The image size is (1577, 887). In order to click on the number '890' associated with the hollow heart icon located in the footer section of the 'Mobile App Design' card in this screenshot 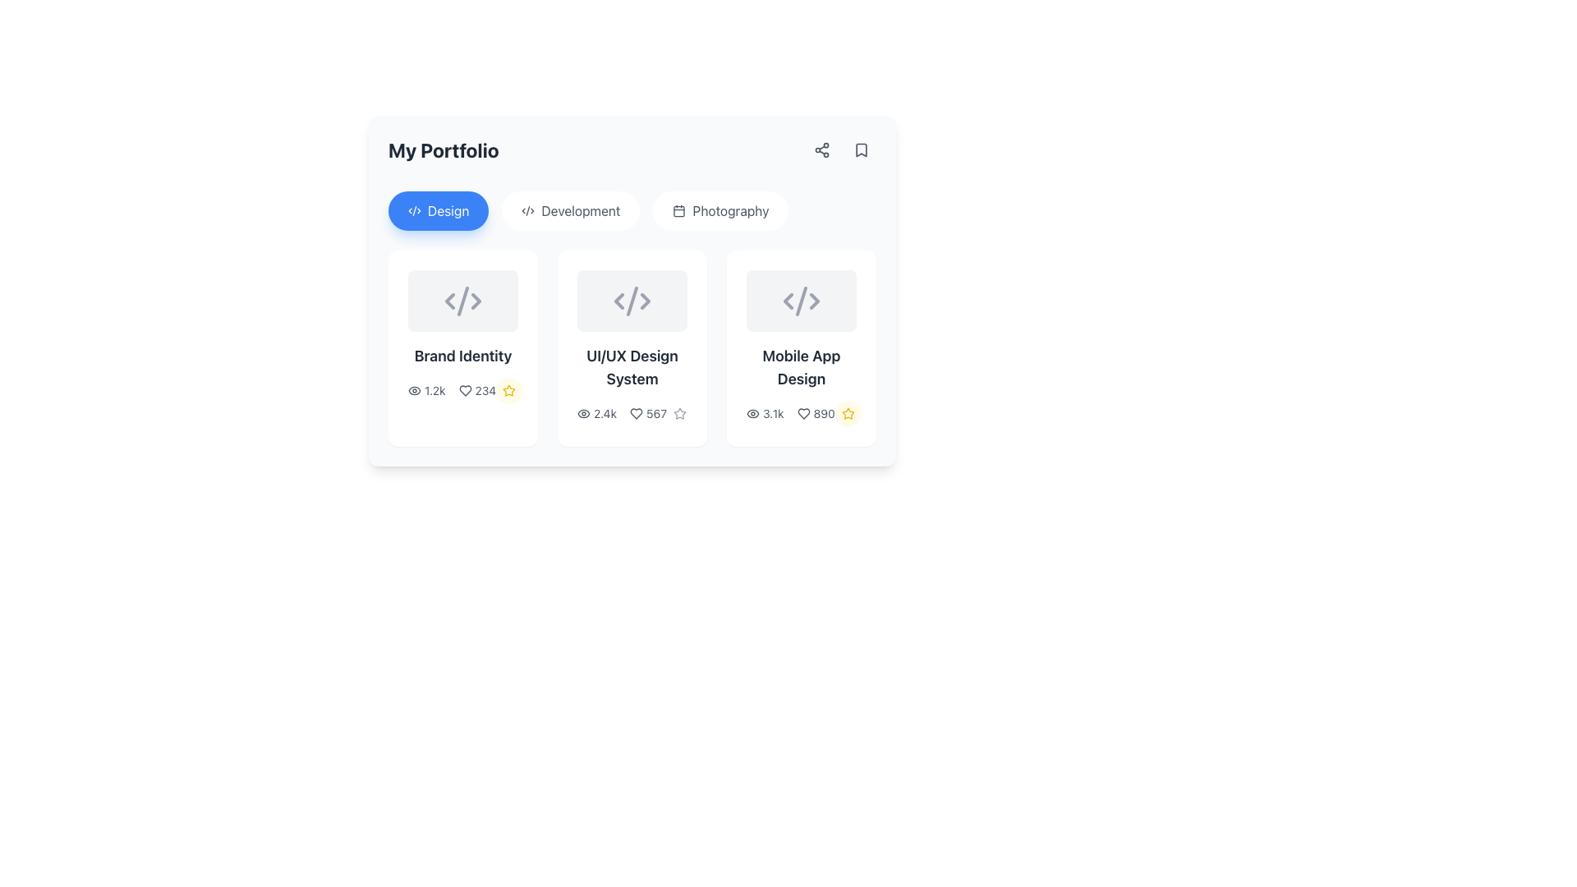, I will do `click(803, 413)`.